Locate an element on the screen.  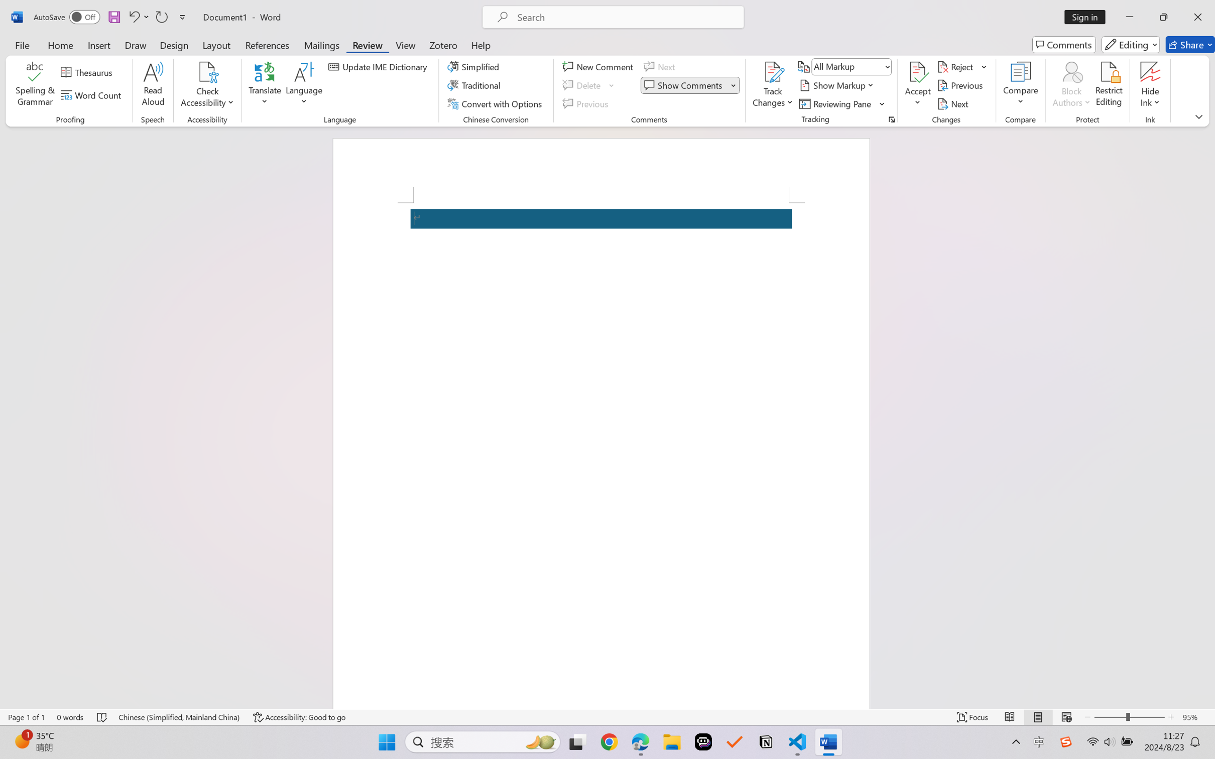
'Block Authors' is located at coordinates (1071, 85).